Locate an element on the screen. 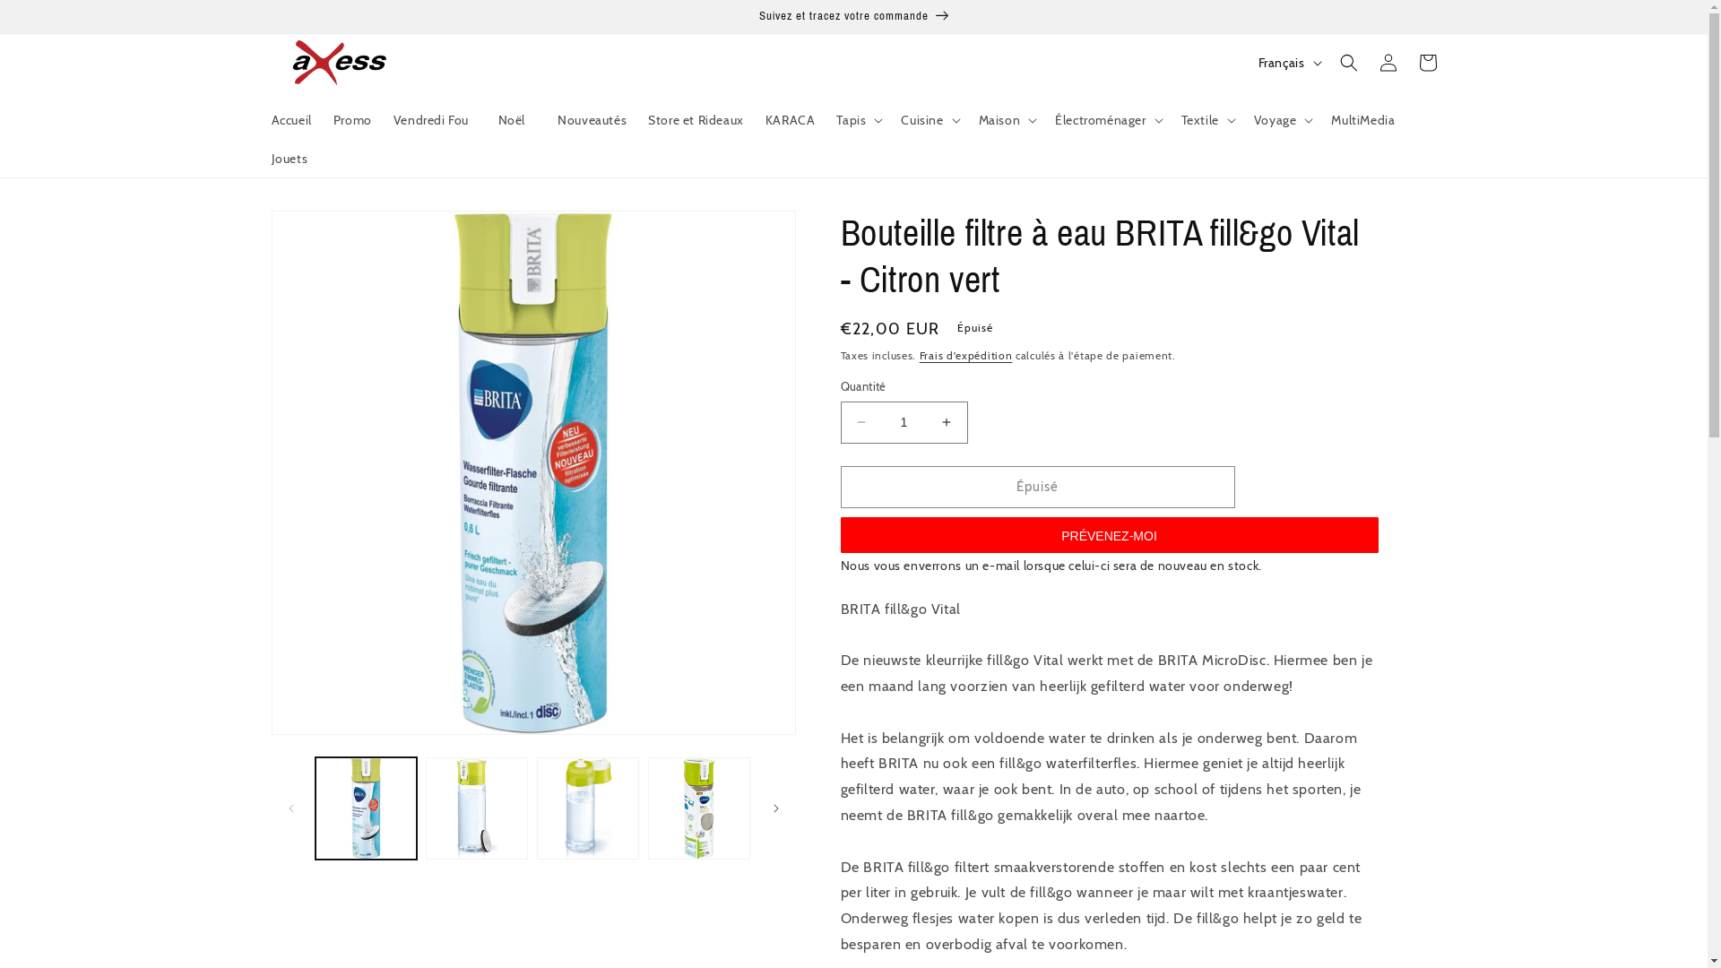  'MultiMedia' is located at coordinates (1320, 120).